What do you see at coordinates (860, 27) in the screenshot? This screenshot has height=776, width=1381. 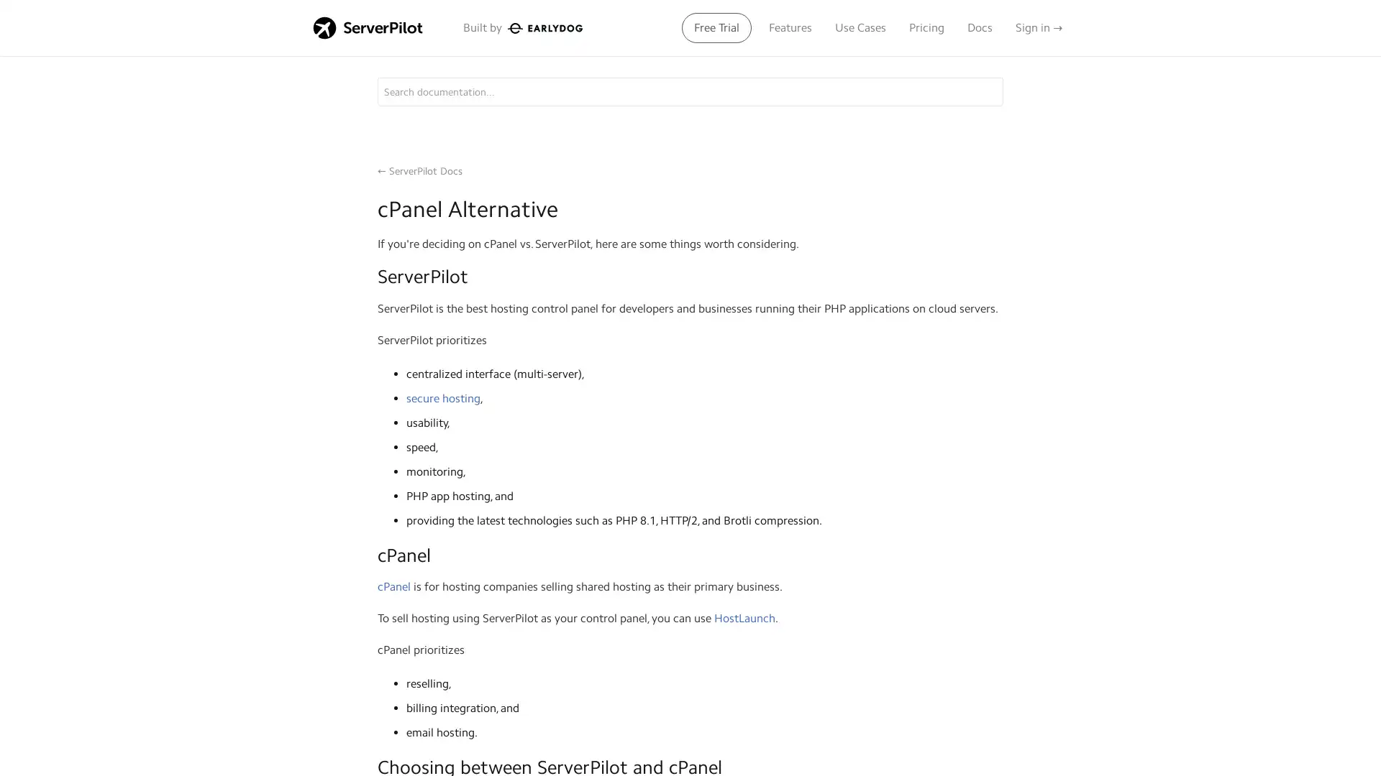 I see `Use Cases` at bounding box center [860, 27].